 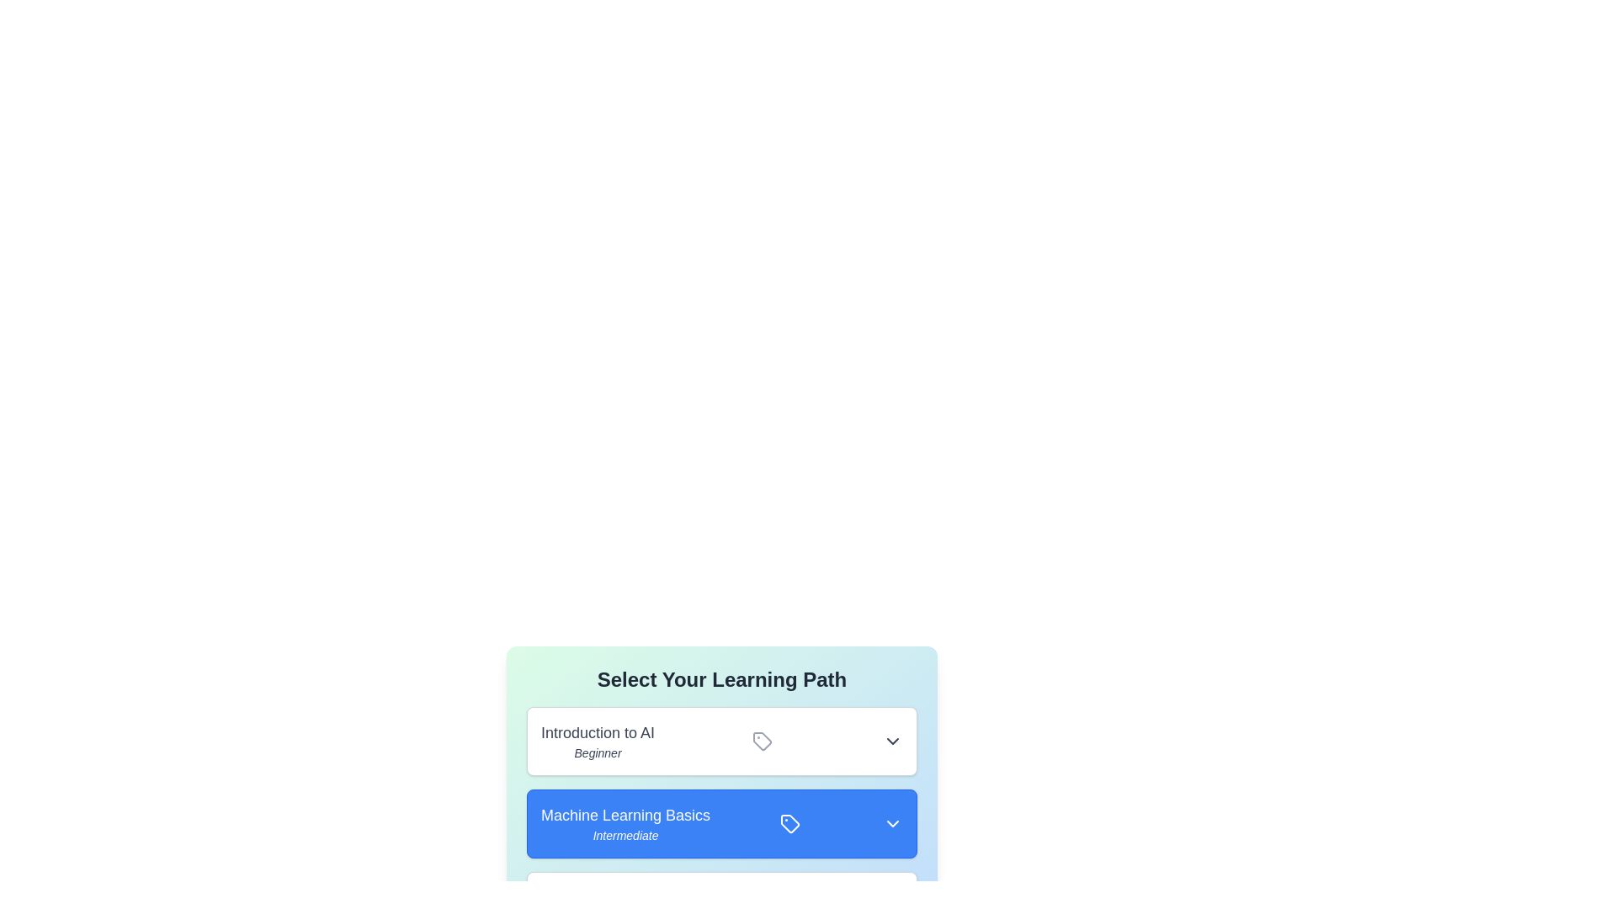 What do you see at coordinates (891, 740) in the screenshot?
I see `the dropdown button of the learning path Introduction to AI to expand or collapse its details` at bounding box center [891, 740].